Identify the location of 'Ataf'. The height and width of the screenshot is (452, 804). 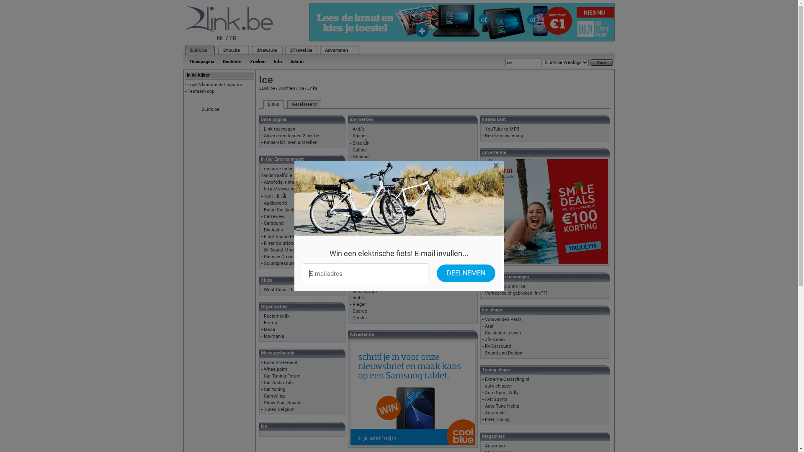
(489, 326).